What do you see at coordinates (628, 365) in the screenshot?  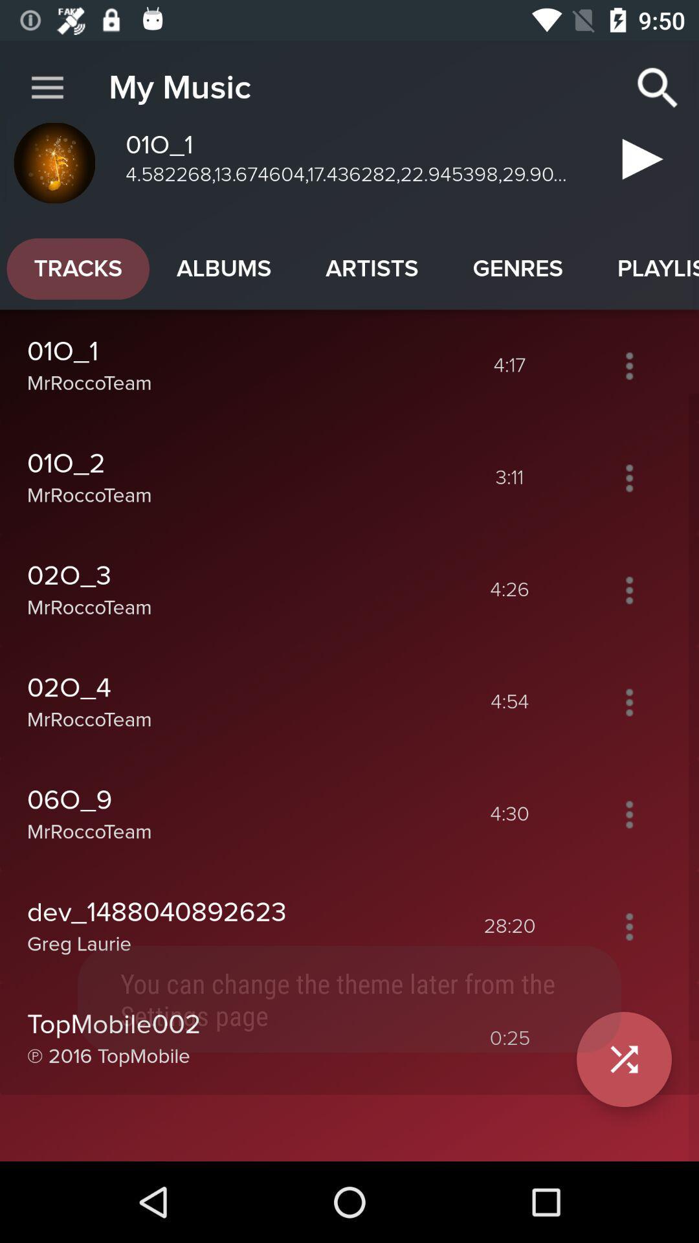 I see `more track options` at bounding box center [628, 365].